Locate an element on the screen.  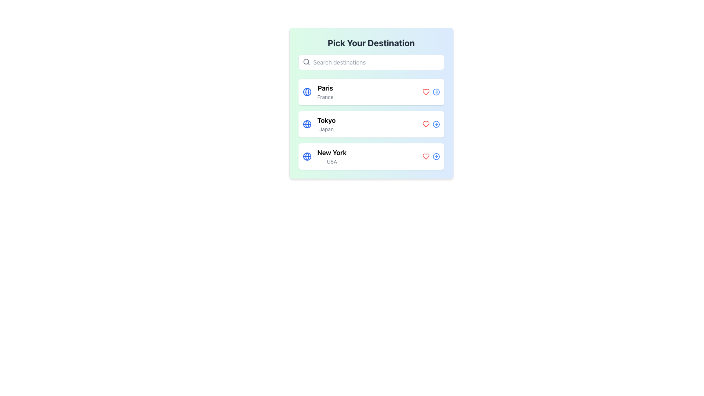
the text label or heading element that displays 'Tokyo' in bold, which is centrally positioned above its subtext 'Japan' in the second card of a vertical list is located at coordinates (326, 120).